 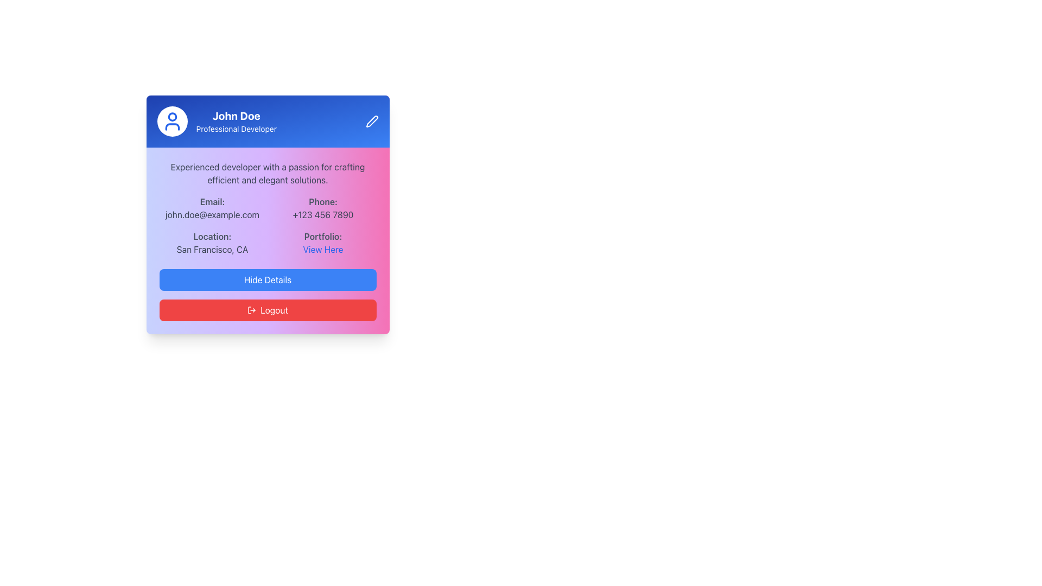 What do you see at coordinates (236, 121) in the screenshot?
I see `the Text content group that displays the name and professional title of an individual, located at the top center of a card layout` at bounding box center [236, 121].